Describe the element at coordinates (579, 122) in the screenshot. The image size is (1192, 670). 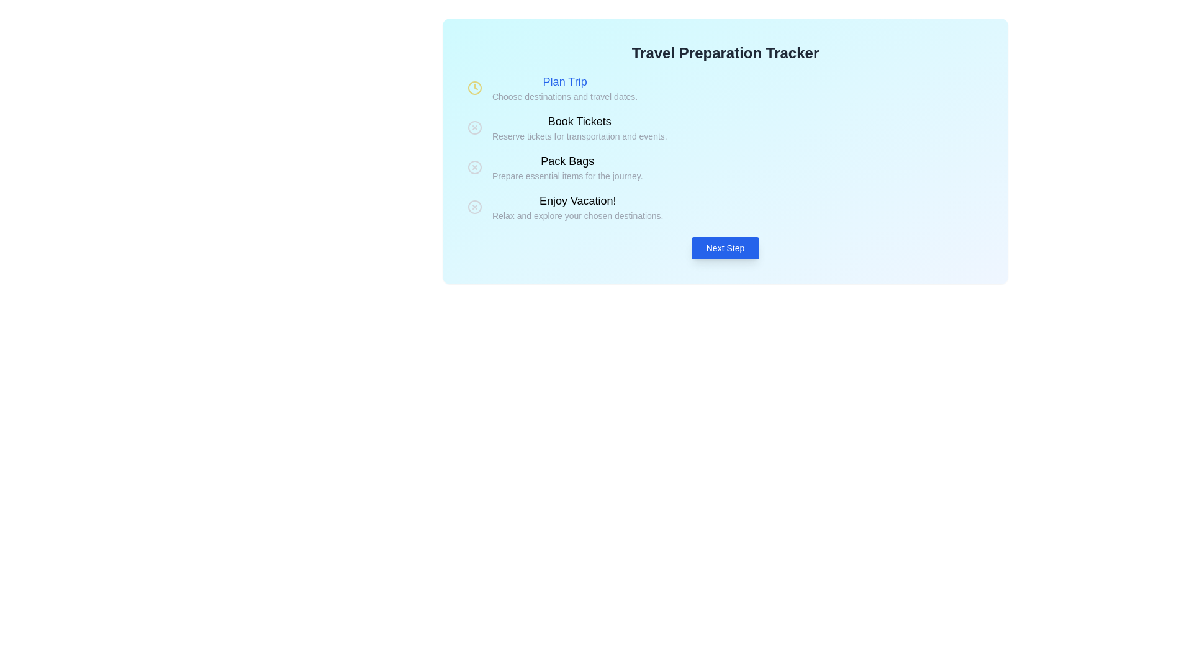
I see `text label indicating the action or step named 'Book Tickets', which is centrally positioned under the main heading 'Travel Preparation Tracker'` at that location.